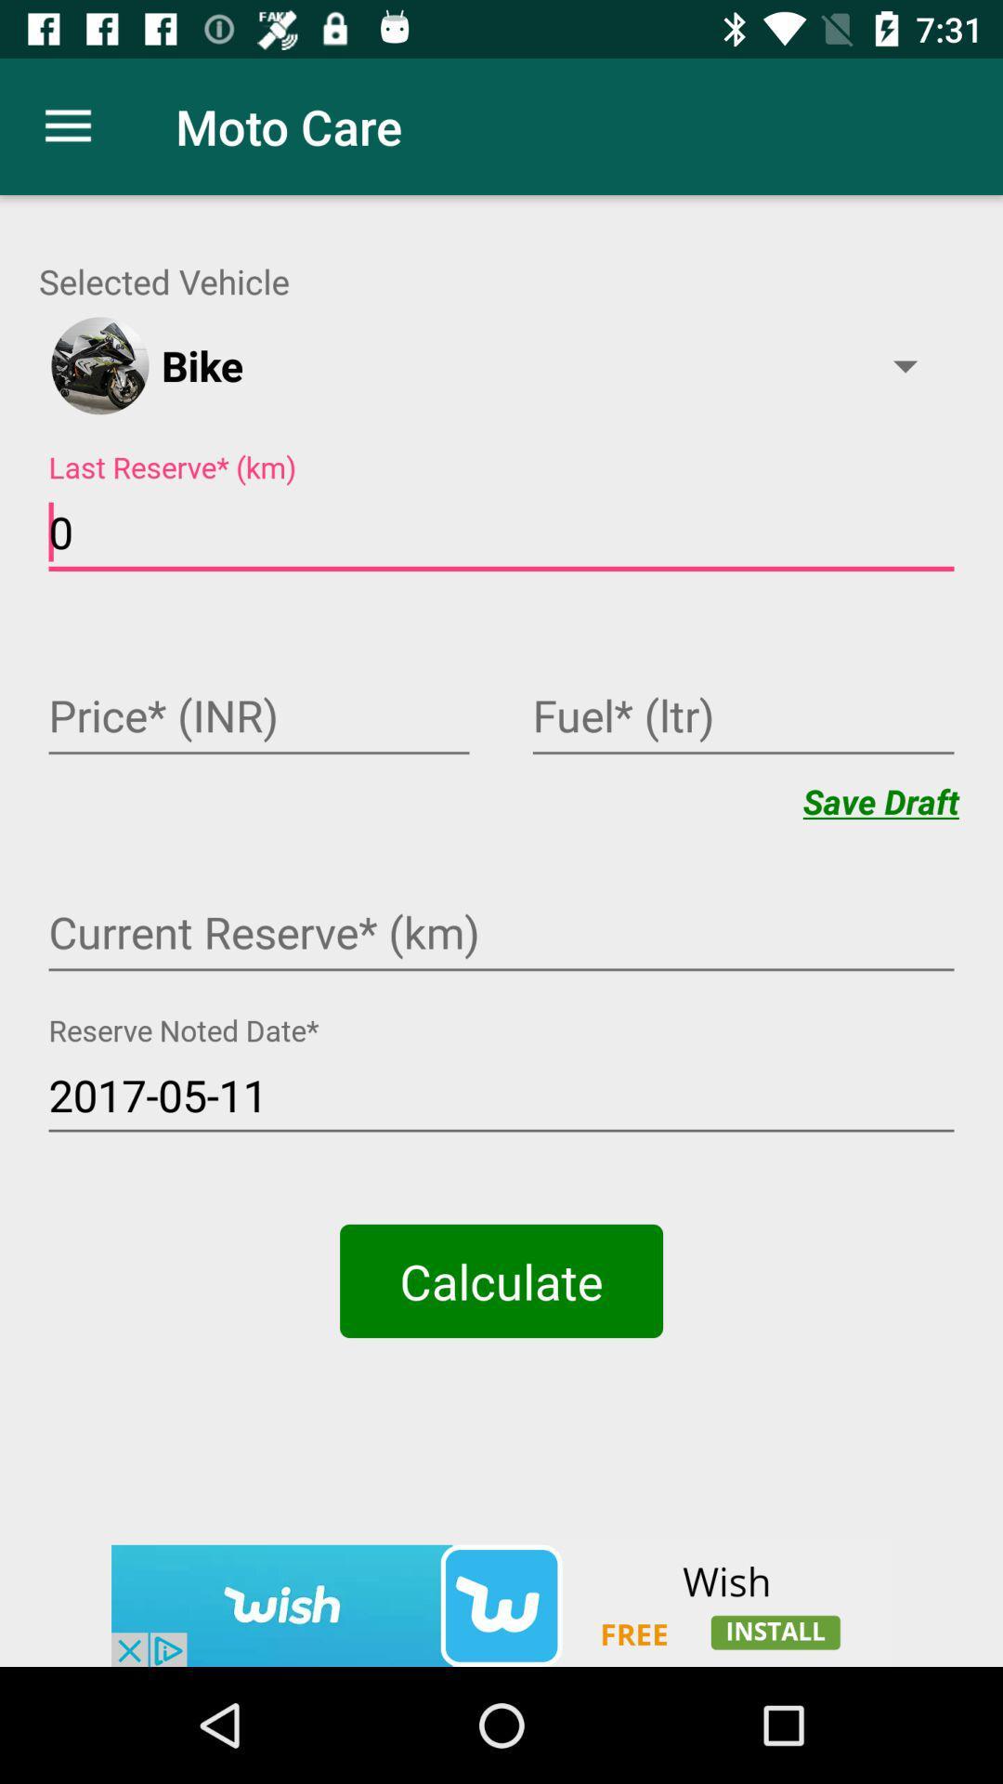  What do you see at coordinates (501, 935) in the screenshot?
I see `inform the current reserve` at bounding box center [501, 935].